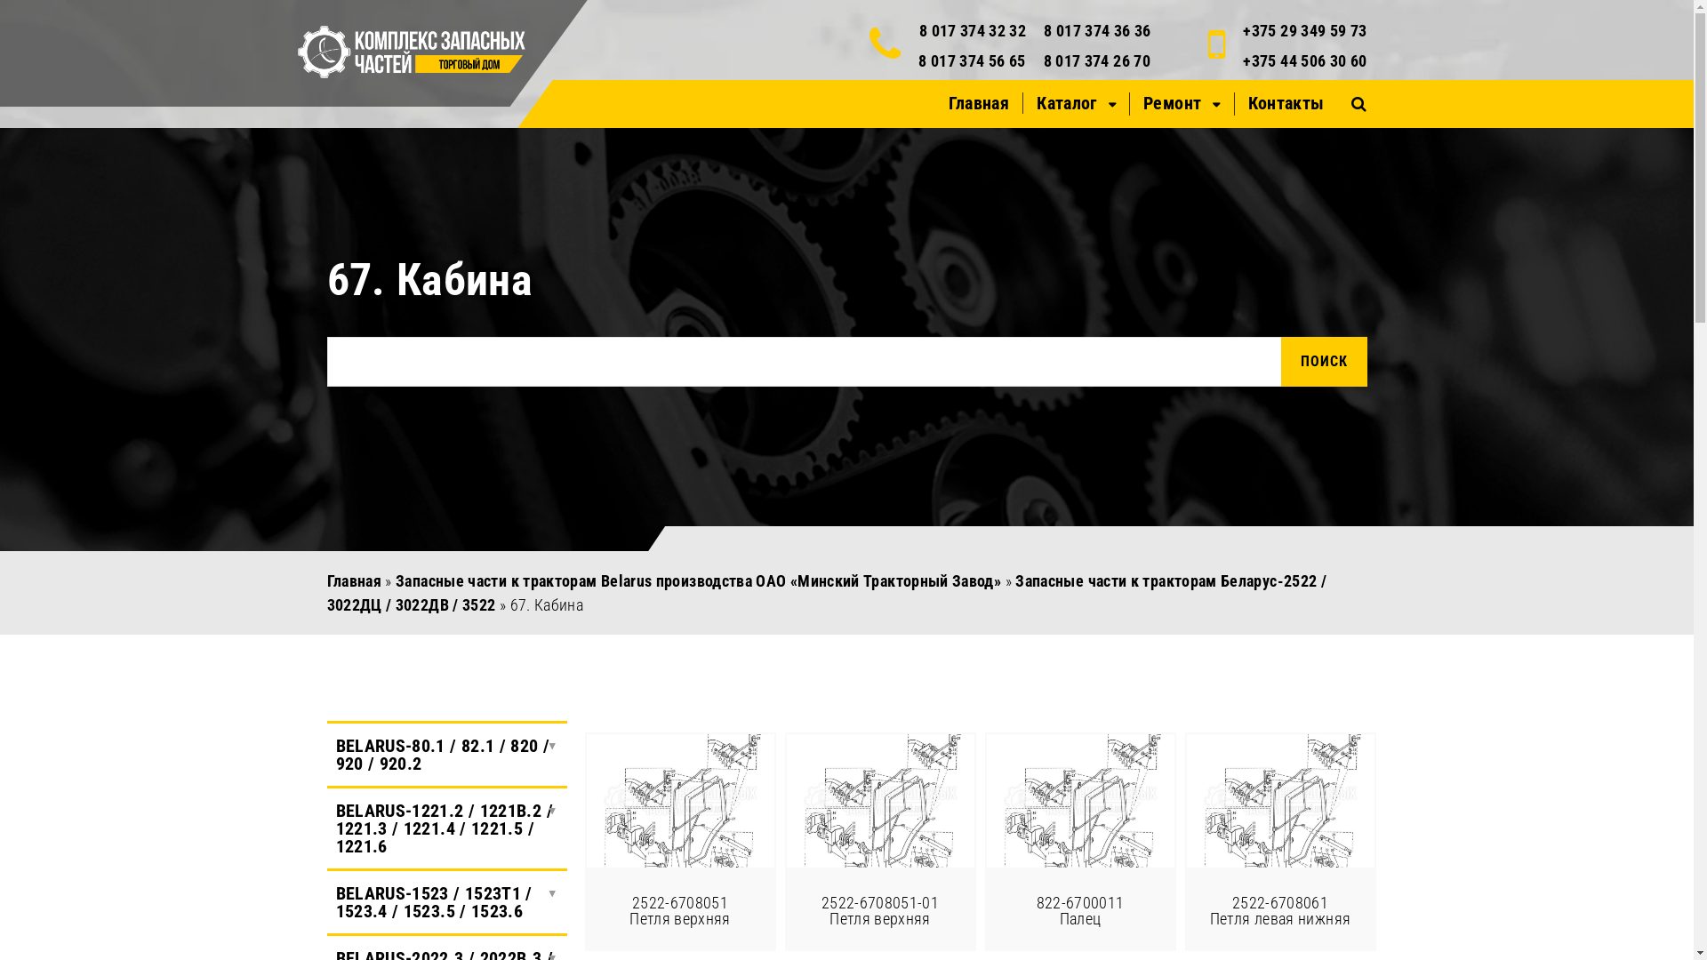 The height and width of the screenshot is (960, 1707). What do you see at coordinates (1304, 30) in the screenshot?
I see `'+375 29 349 59 73'` at bounding box center [1304, 30].